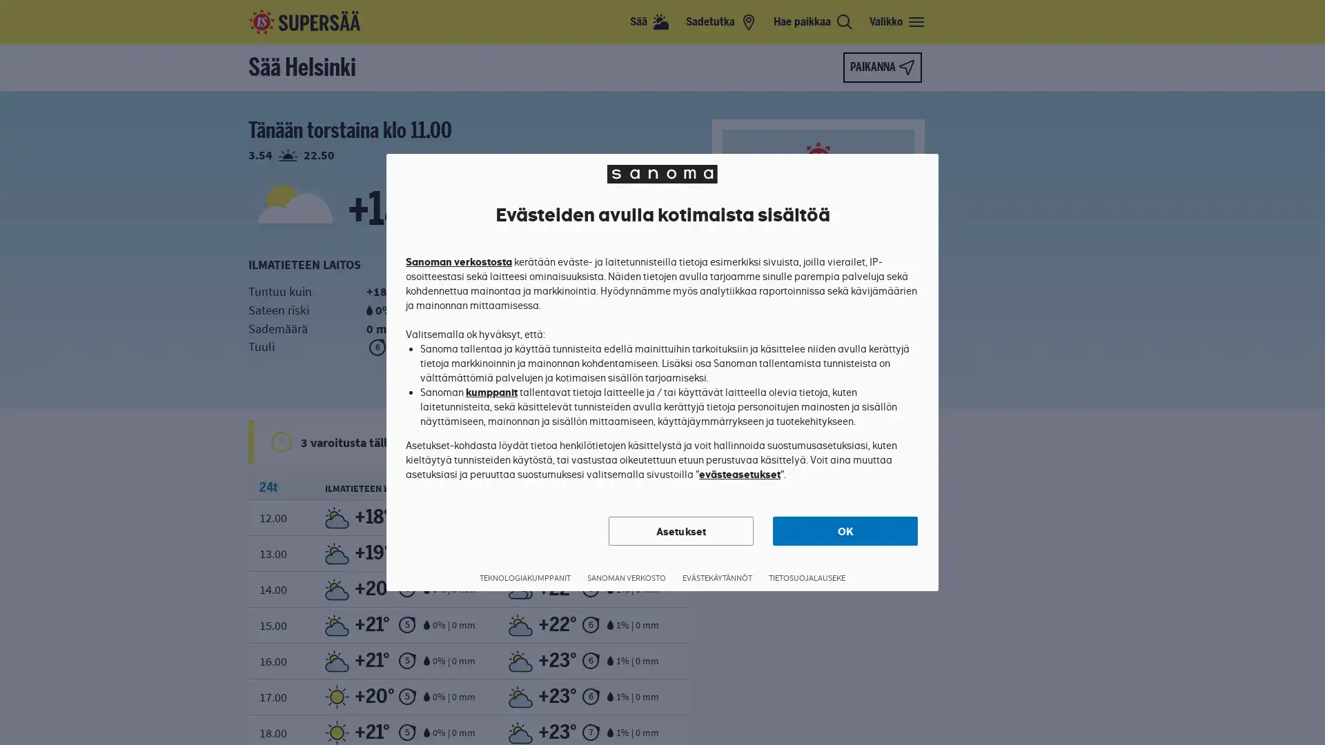 Image resolution: width=1325 pixels, height=745 pixels. I want to click on Nayta kaikki varoitukset, so click(672, 441).